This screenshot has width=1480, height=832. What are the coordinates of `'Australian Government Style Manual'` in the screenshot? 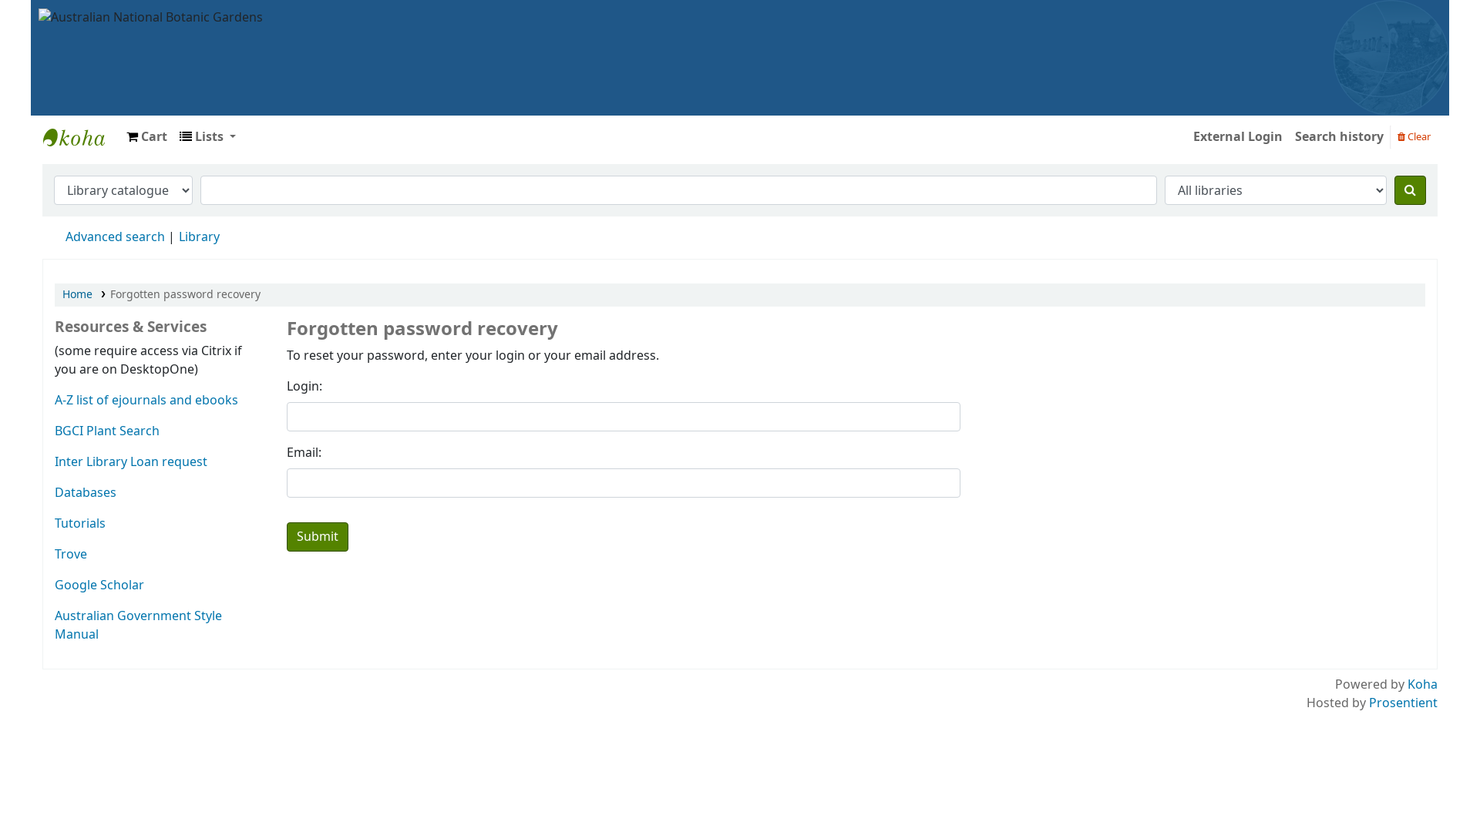 It's located at (138, 626).